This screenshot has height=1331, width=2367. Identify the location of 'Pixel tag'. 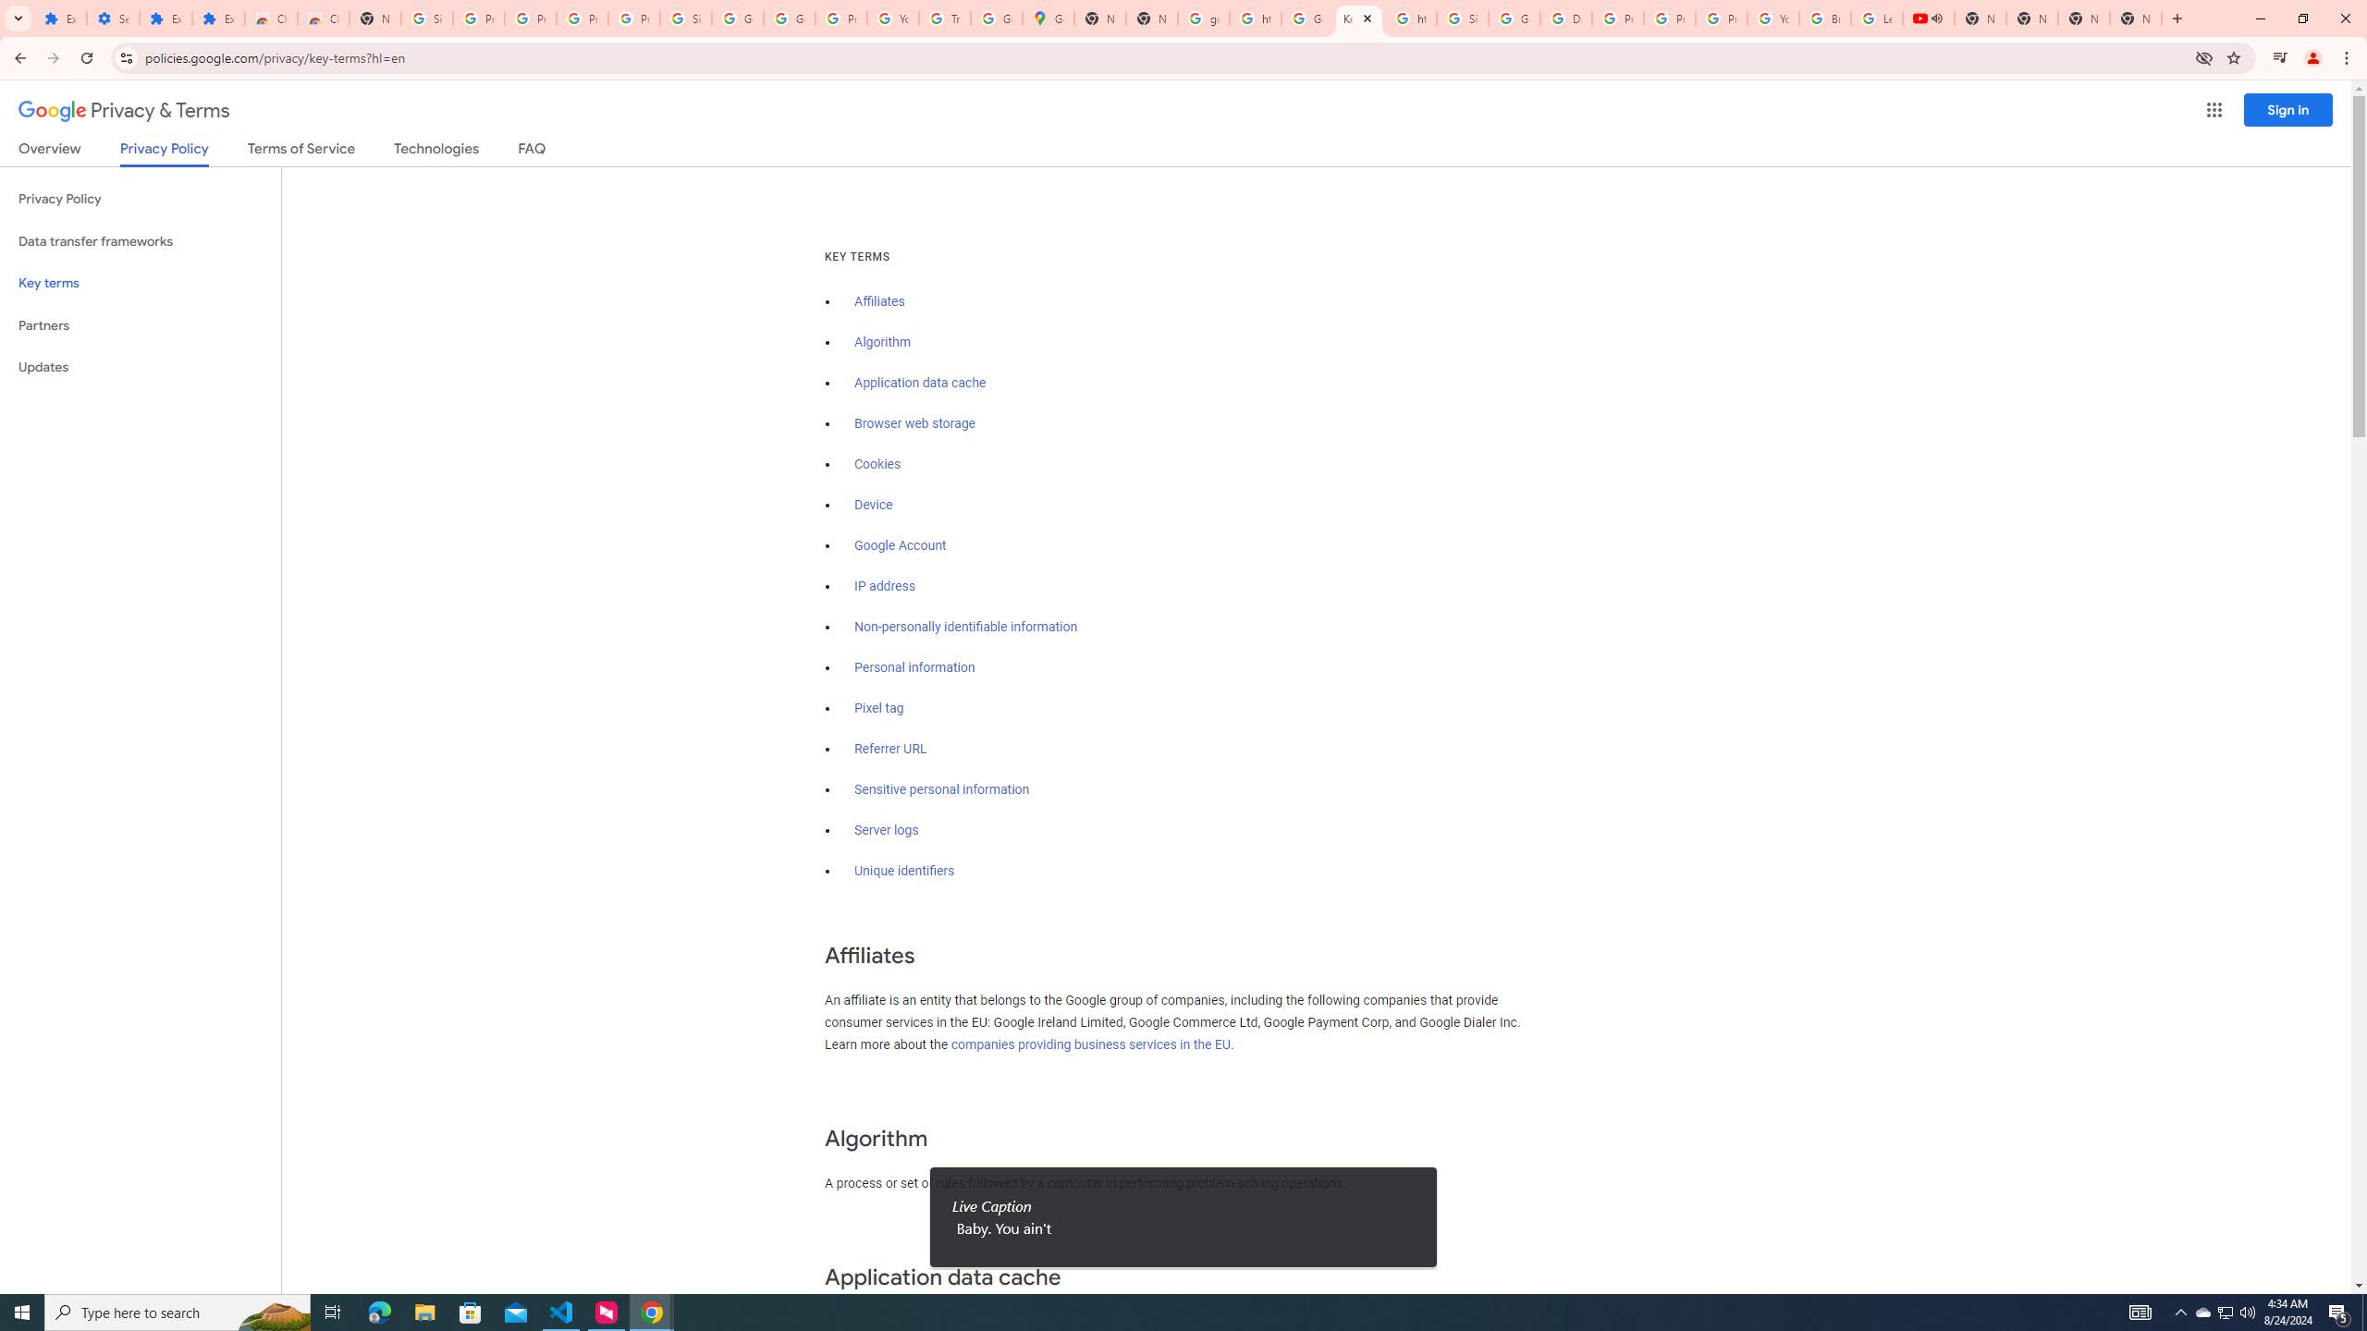
(878, 707).